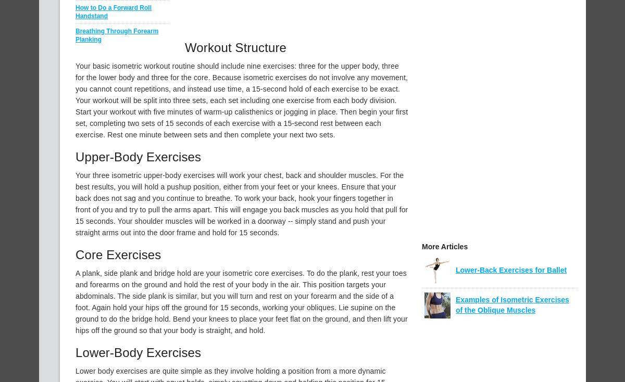 This screenshot has width=625, height=382. I want to click on 'More Articles', so click(444, 247).